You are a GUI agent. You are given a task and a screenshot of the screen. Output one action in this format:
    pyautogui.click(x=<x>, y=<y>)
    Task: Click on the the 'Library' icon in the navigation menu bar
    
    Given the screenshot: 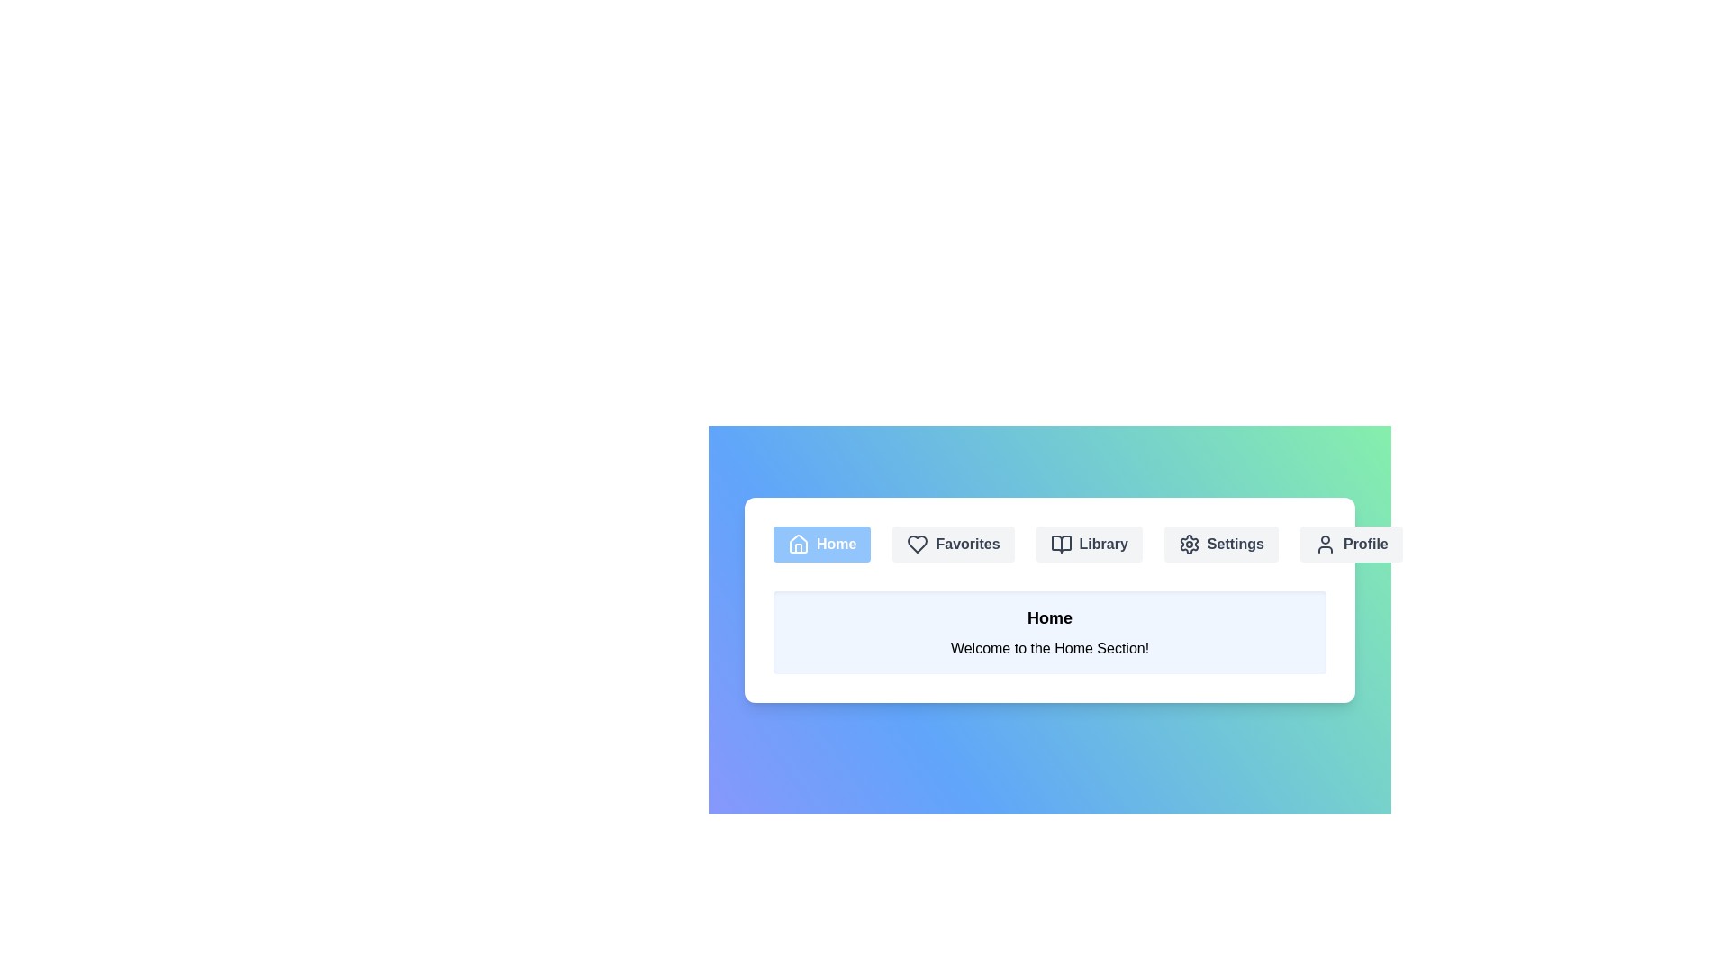 What is the action you would take?
    pyautogui.click(x=1061, y=544)
    